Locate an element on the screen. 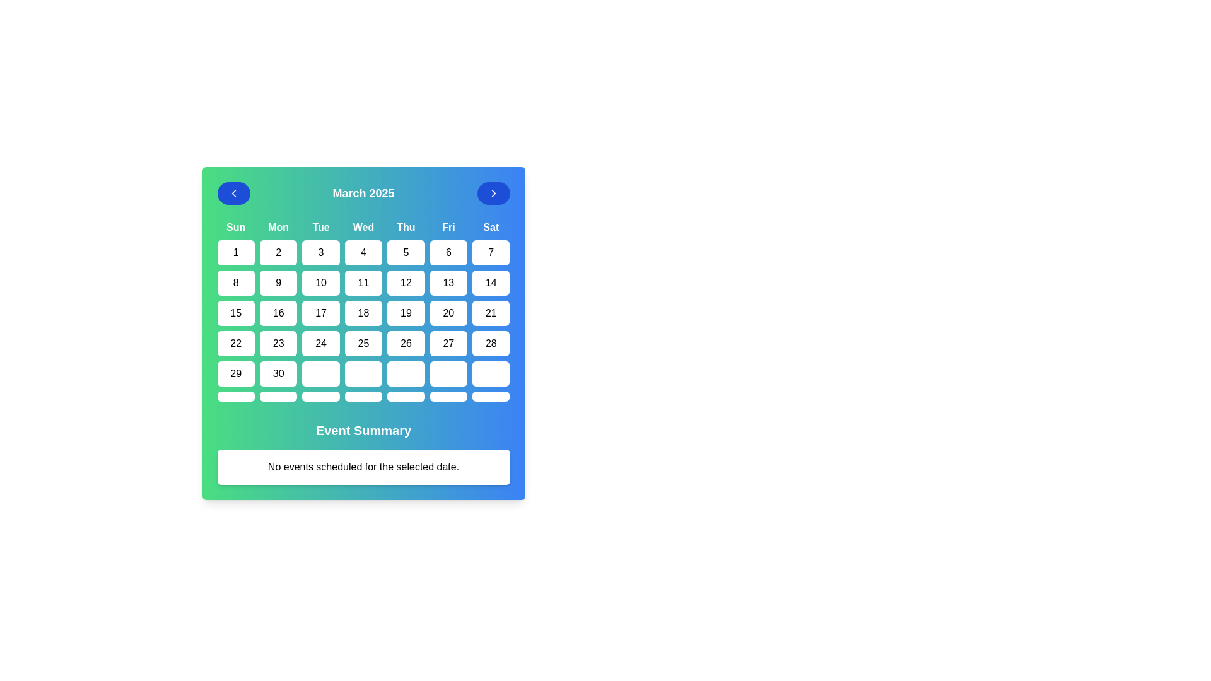 The image size is (1211, 681). the rounded rectangular button displaying the number '14' located under the 'Sat' column header is located at coordinates (490, 282).